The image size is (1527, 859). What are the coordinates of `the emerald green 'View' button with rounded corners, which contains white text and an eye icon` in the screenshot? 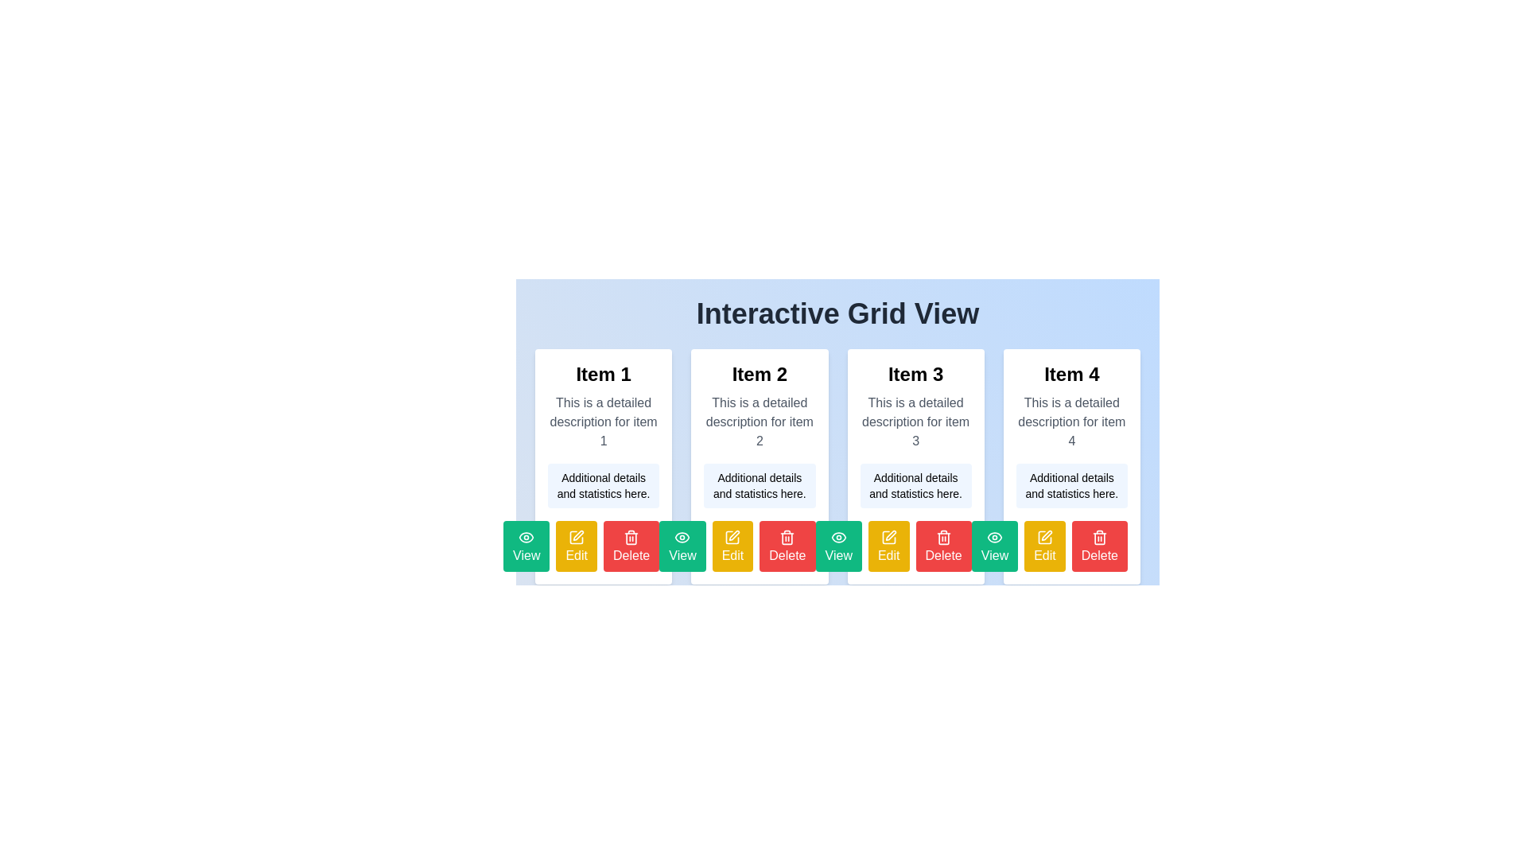 It's located at (682, 545).